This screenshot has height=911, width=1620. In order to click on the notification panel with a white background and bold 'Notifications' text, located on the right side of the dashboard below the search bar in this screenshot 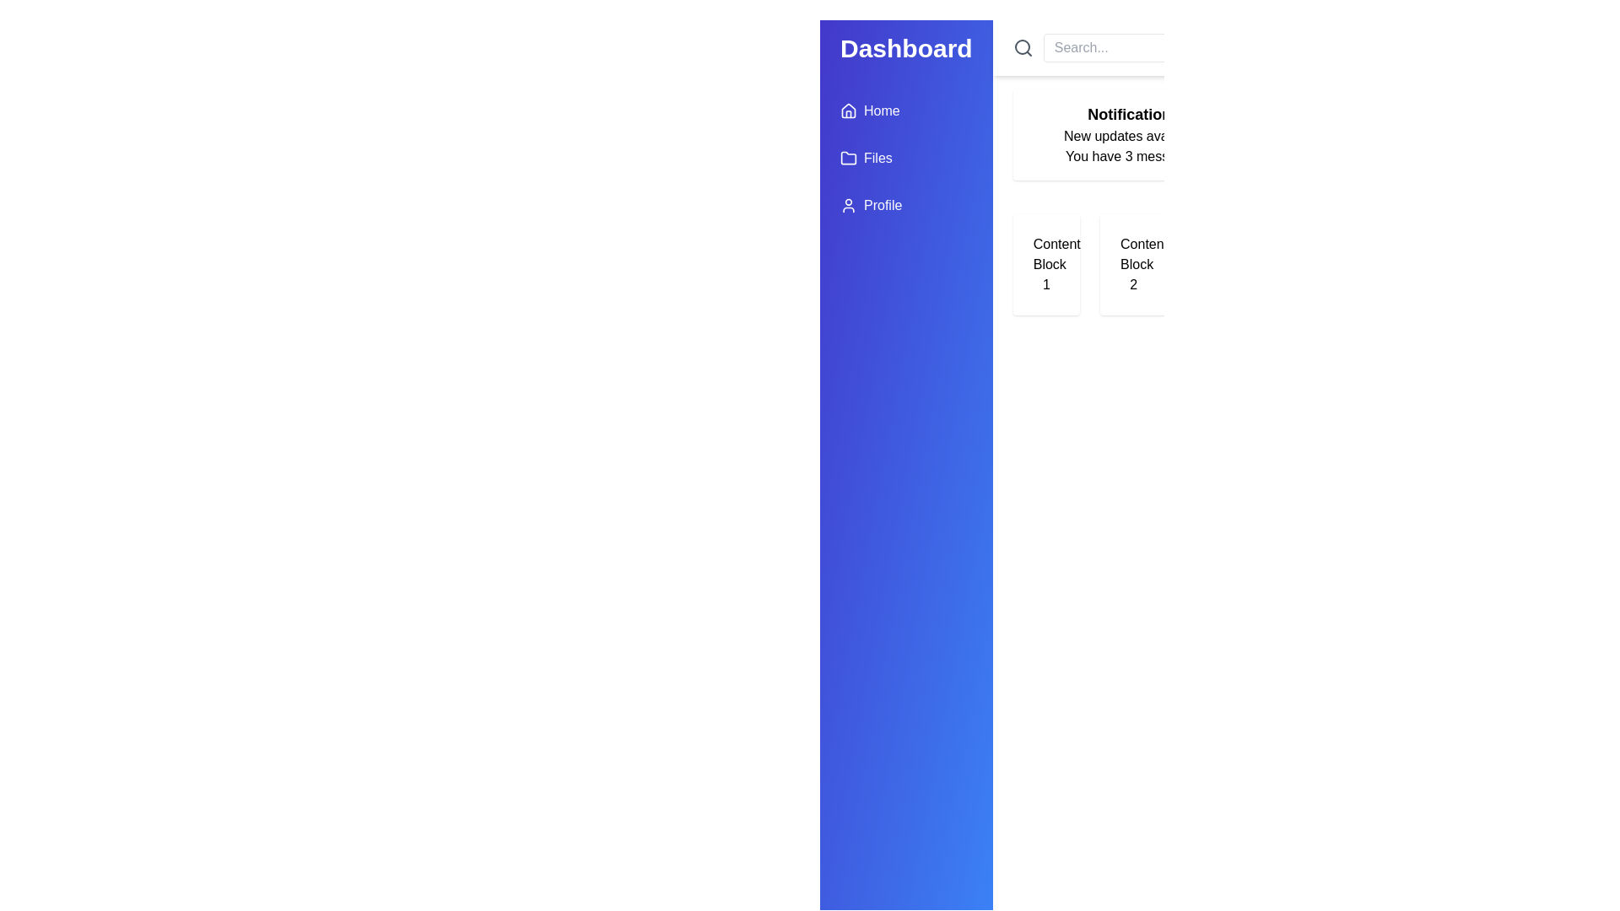, I will do `click(1133, 133)`.